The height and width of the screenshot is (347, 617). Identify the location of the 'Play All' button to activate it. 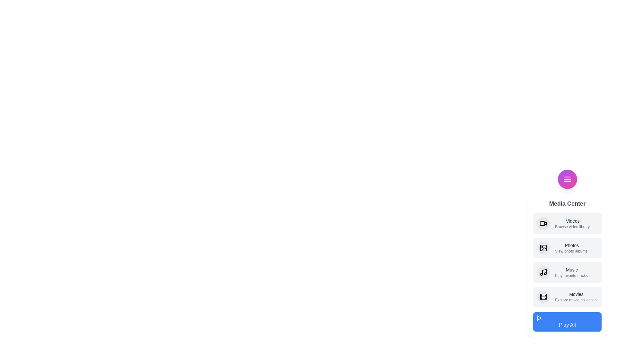
(567, 322).